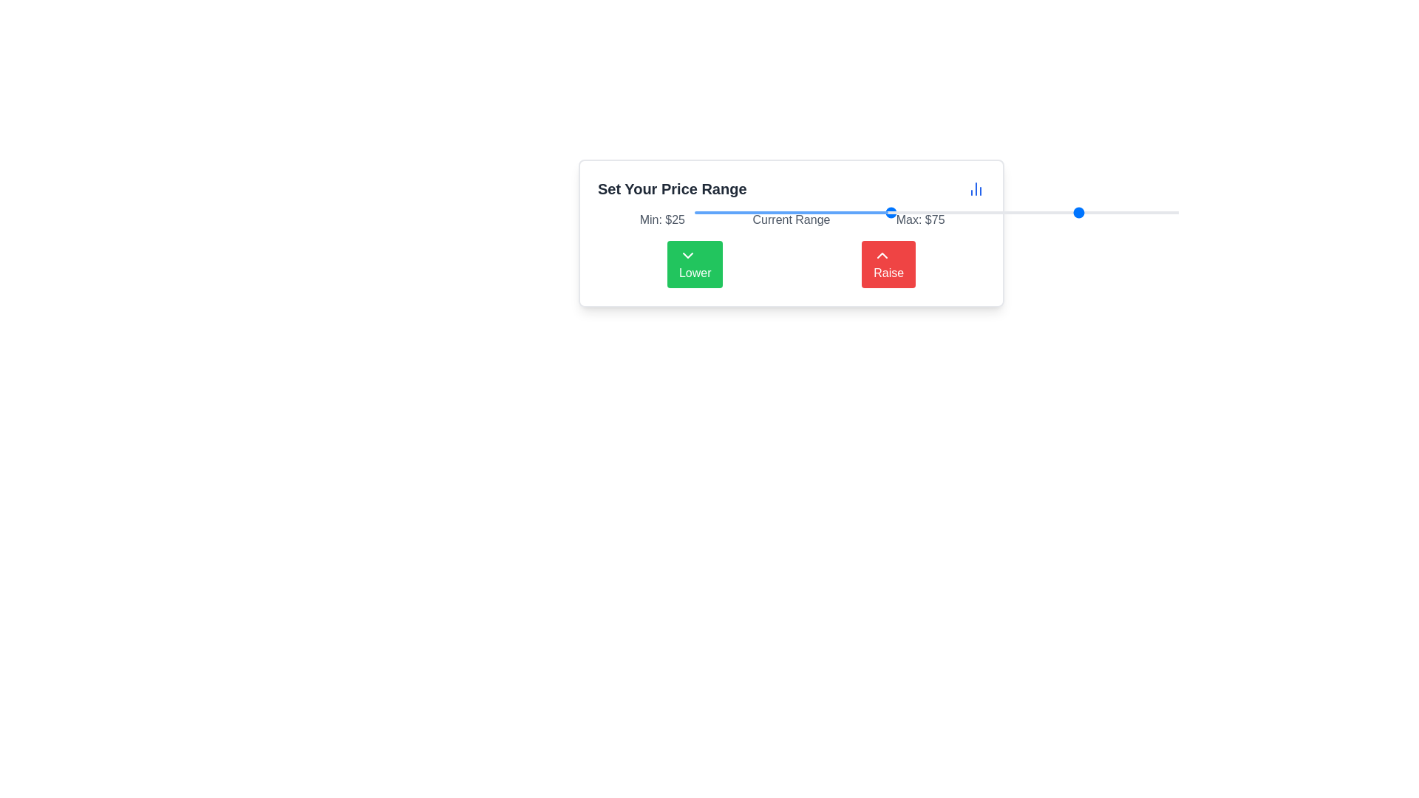 The width and height of the screenshot is (1419, 798). What do you see at coordinates (976, 188) in the screenshot?
I see `the non-interactive chart icon located in the header section titled 'Set Your Price Range', which is positioned on the right side and is the last icon visible` at bounding box center [976, 188].